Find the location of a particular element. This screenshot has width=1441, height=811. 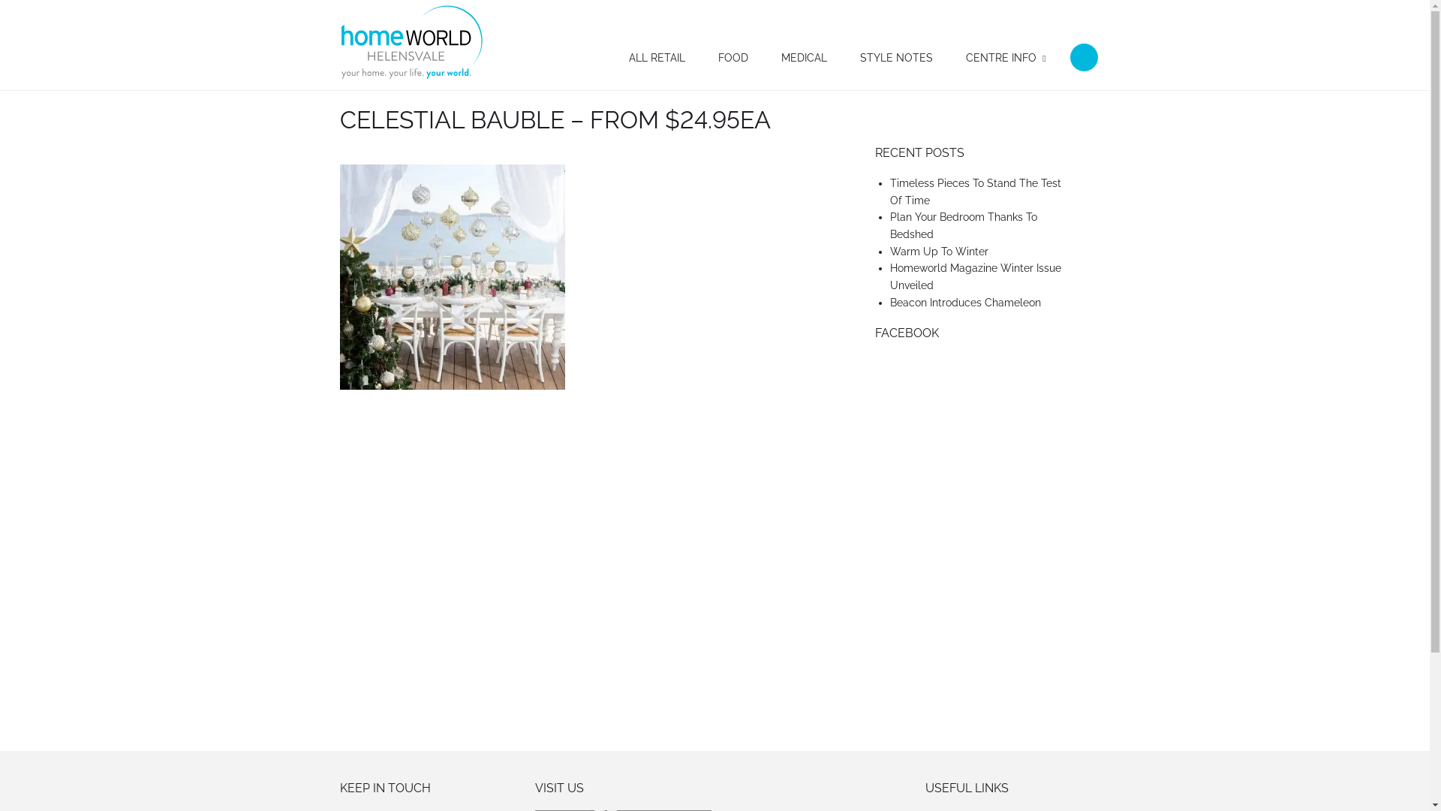

'STYLE NOTES' is located at coordinates (896, 57).